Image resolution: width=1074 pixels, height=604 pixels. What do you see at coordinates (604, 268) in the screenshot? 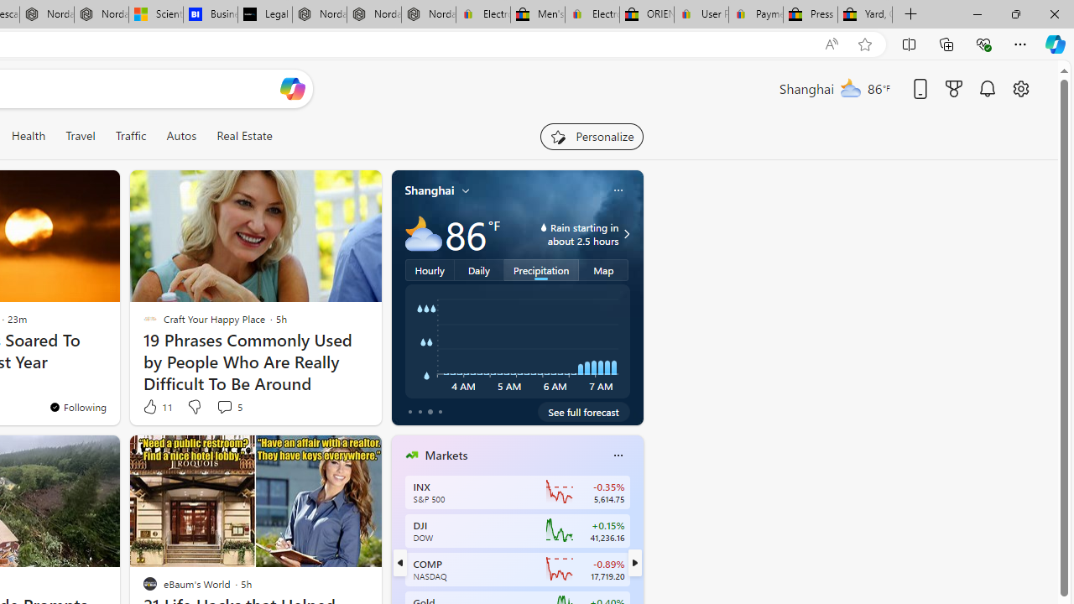
I see `'Map'` at bounding box center [604, 268].